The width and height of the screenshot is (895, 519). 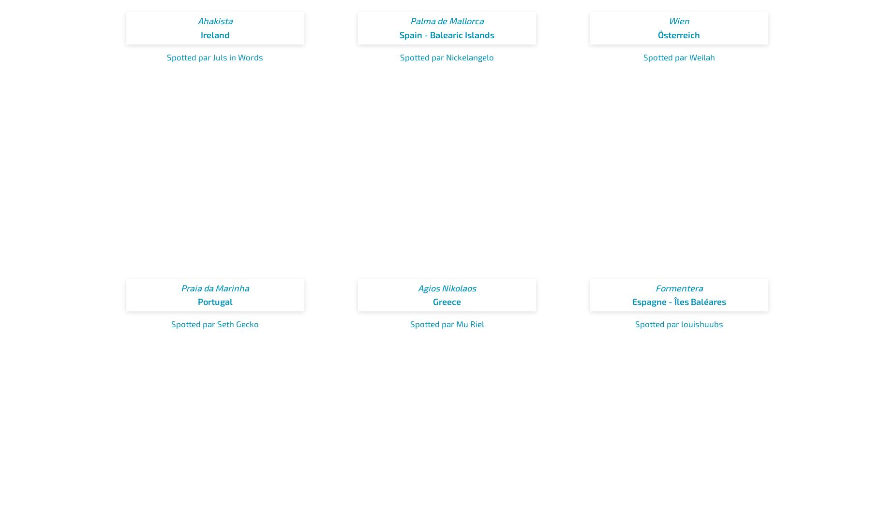 What do you see at coordinates (214, 20) in the screenshot?
I see `'Ahakista'` at bounding box center [214, 20].